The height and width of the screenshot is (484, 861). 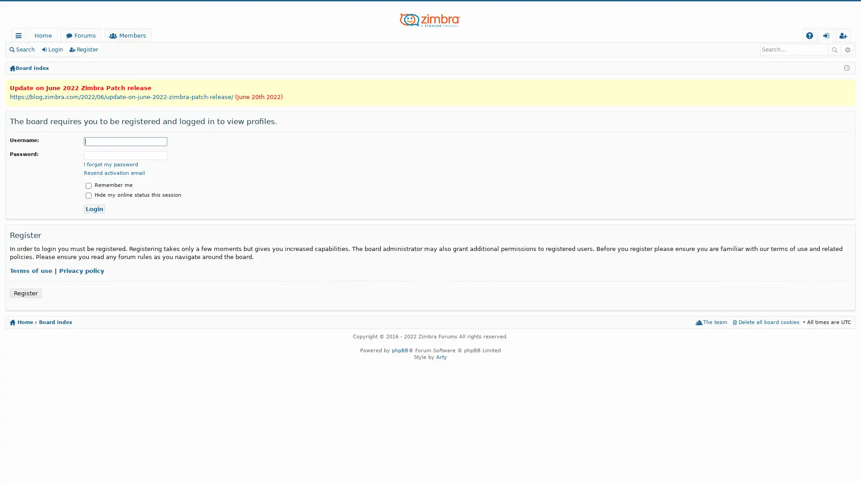 I want to click on Search, so click(x=834, y=50).